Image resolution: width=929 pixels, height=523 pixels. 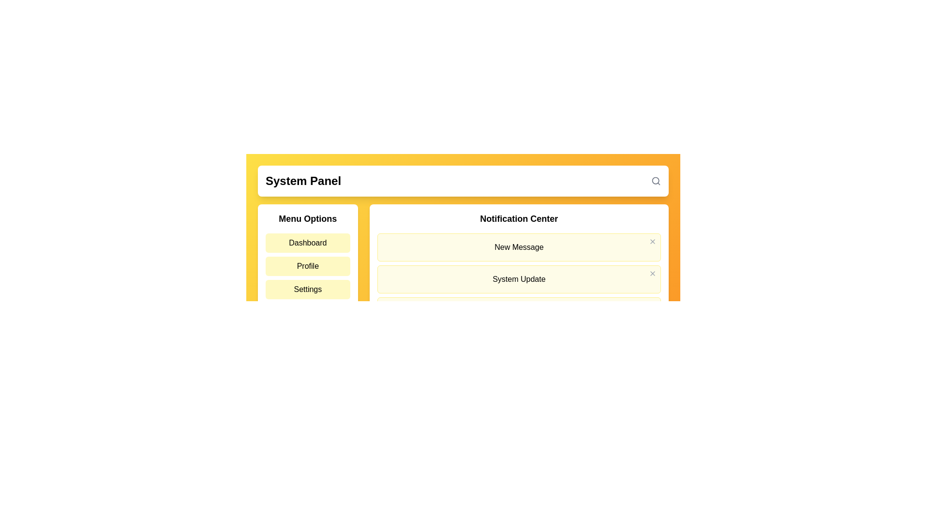 What do you see at coordinates (656, 181) in the screenshot?
I see `the search icon located at the top-right corner of the 'System Panel' to initiate the search functionality` at bounding box center [656, 181].